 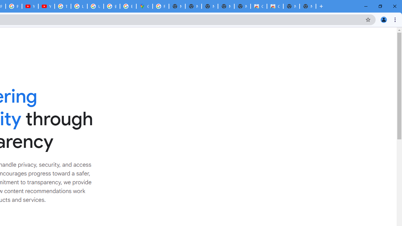 I want to click on 'YouTube', so click(x=46, y=6).